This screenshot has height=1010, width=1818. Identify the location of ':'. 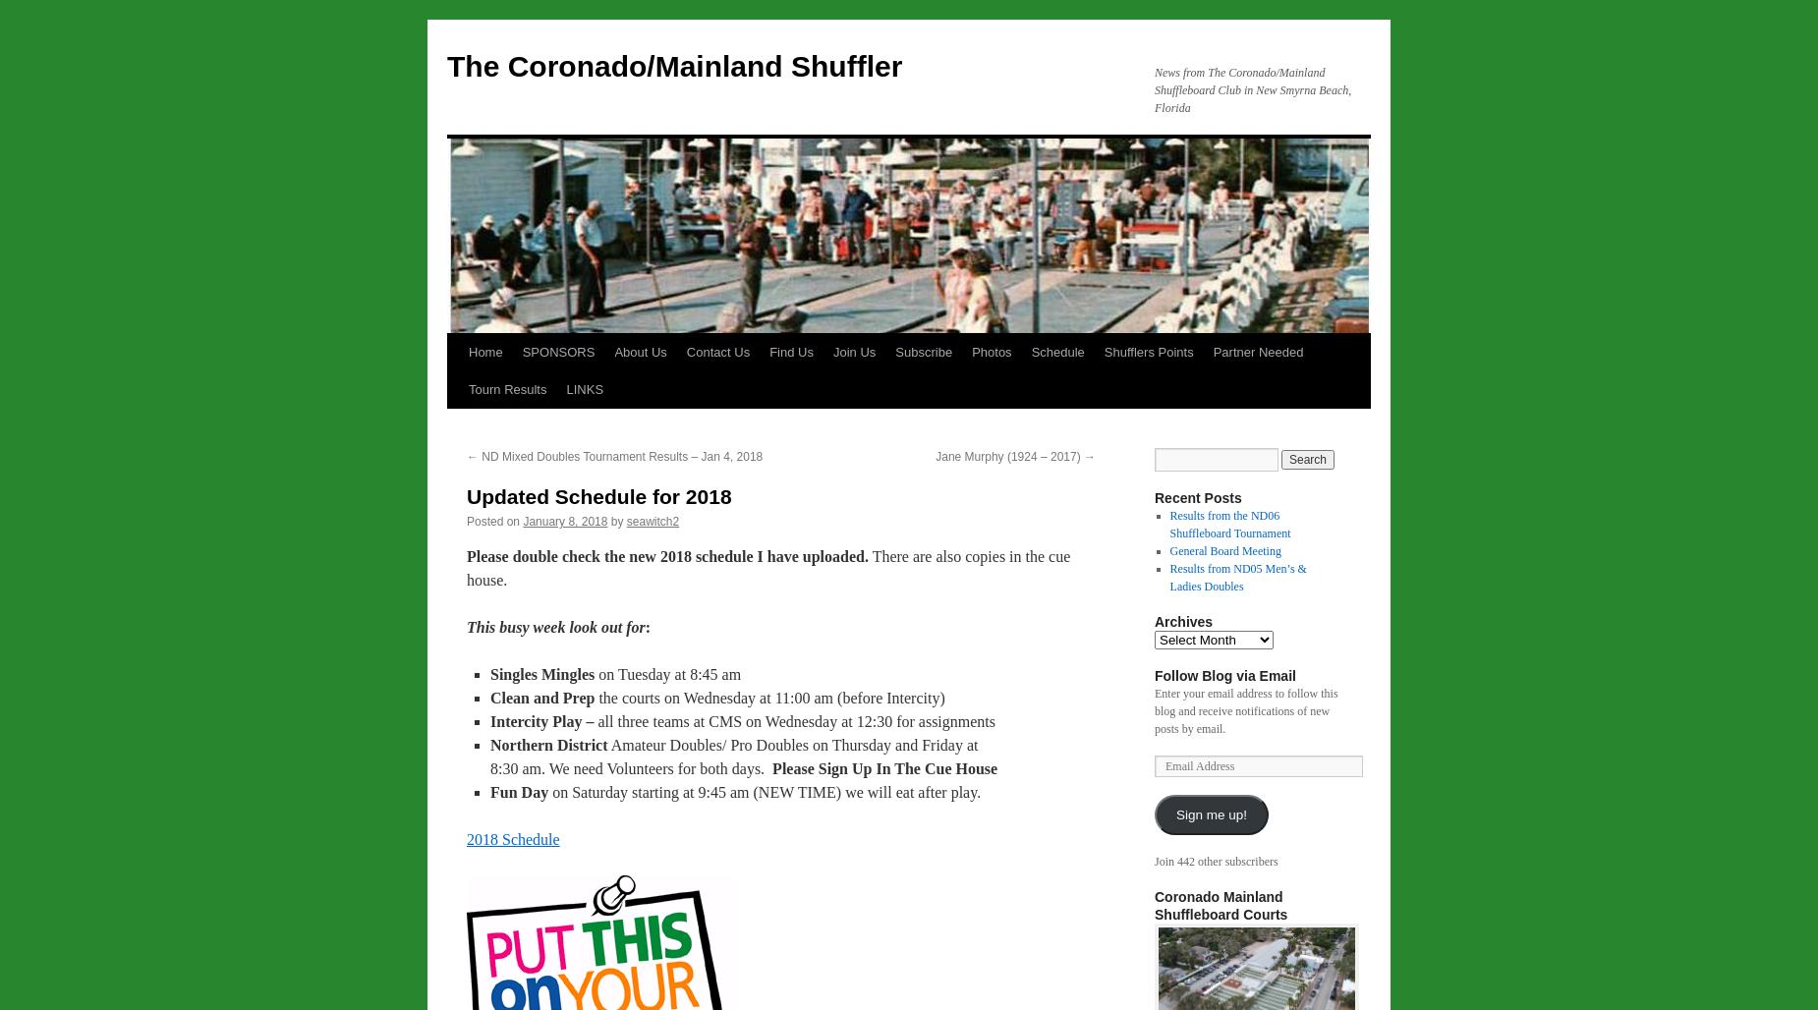
(647, 626).